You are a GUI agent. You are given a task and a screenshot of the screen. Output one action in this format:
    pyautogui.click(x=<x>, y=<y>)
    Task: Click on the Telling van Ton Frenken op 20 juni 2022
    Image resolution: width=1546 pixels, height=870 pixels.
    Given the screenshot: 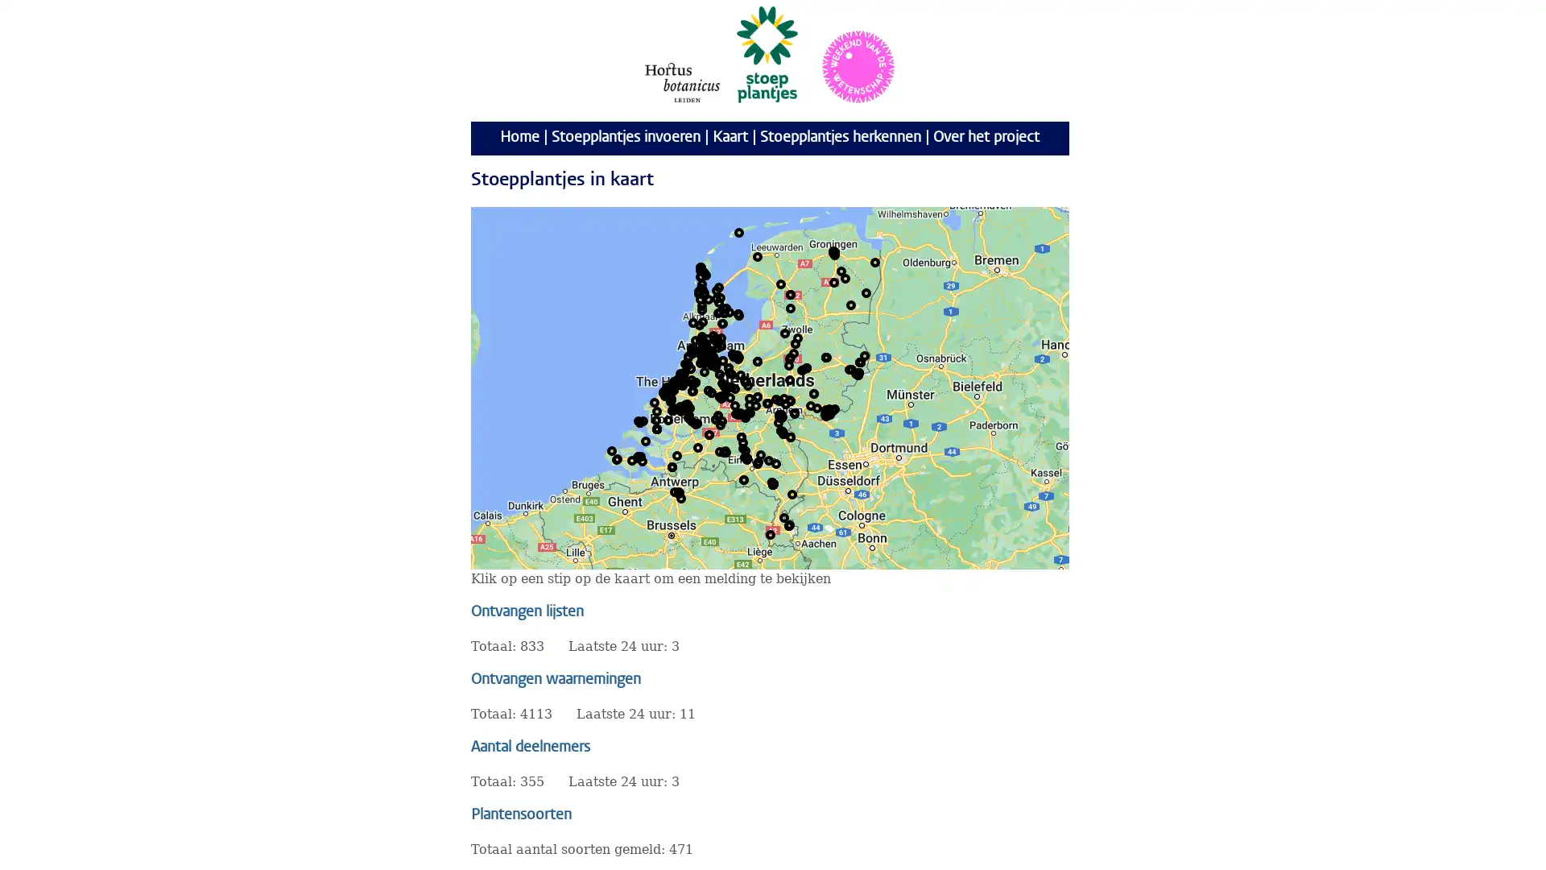 What is the action you would take?
    pyautogui.click(x=773, y=483)
    